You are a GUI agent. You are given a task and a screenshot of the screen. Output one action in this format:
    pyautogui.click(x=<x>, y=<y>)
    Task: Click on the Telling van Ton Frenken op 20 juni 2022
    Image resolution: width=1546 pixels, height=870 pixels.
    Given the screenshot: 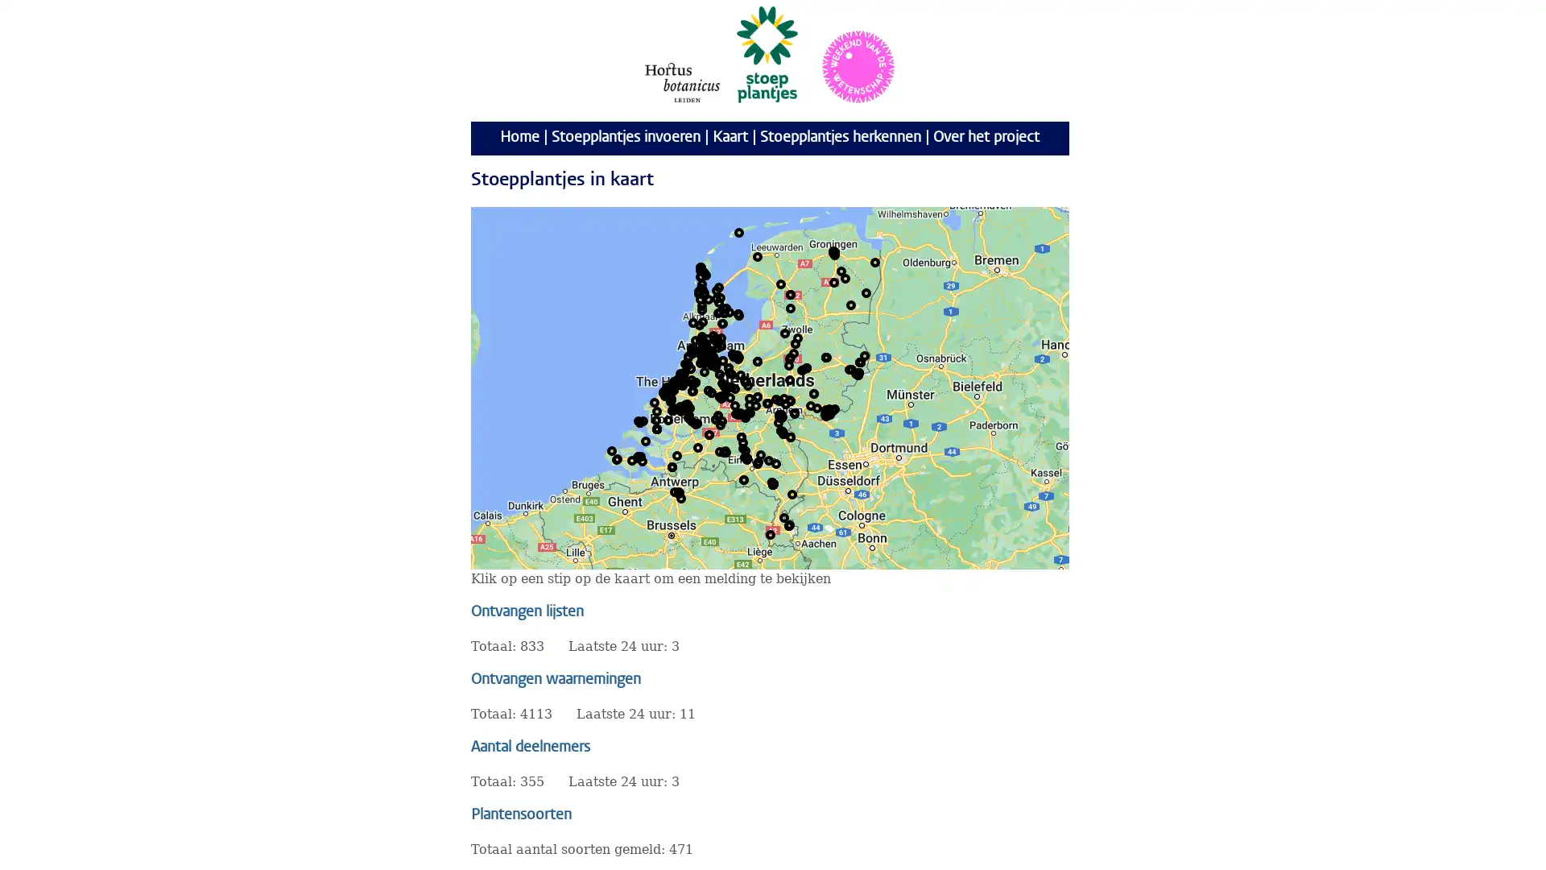 What is the action you would take?
    pyautogui.click(x=773, y=483)
    